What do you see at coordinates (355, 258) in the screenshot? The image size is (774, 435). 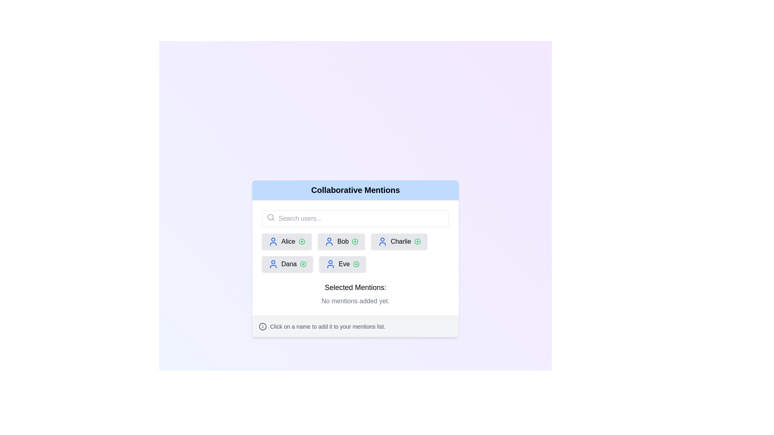 I see `the icons in the 'Collaborative Mentions' card component, which includes a search field and selectable names` at bounding box center [355, 258].